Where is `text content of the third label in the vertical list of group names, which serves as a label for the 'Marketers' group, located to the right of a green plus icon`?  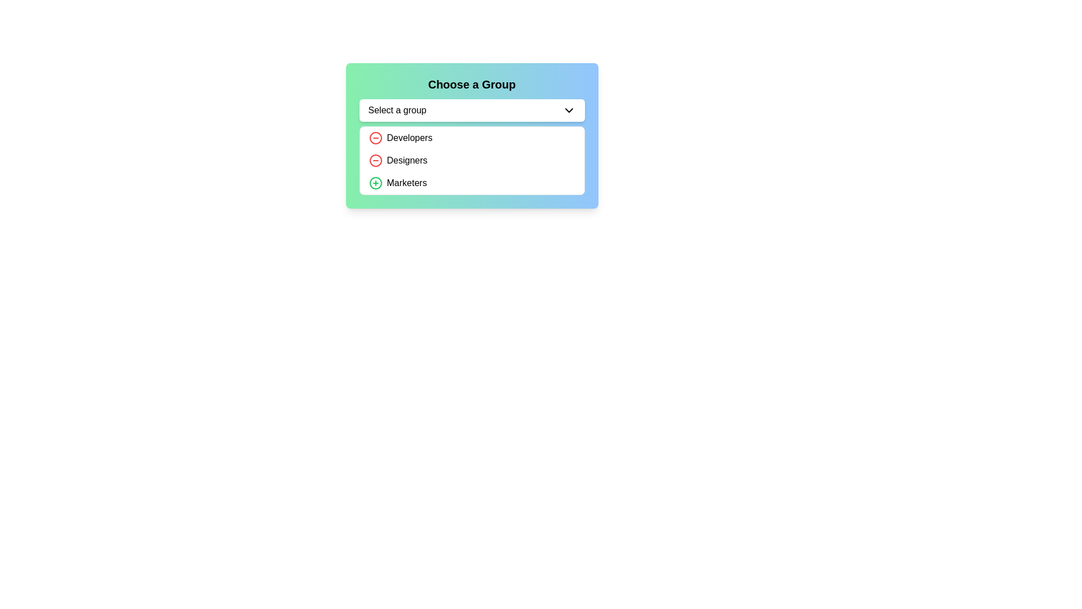
text content of the third label in the vertical list of group names, which serves as a label for the 'Marketers' group, located to the right of a green plus icon is located at coordinates (406, 182).